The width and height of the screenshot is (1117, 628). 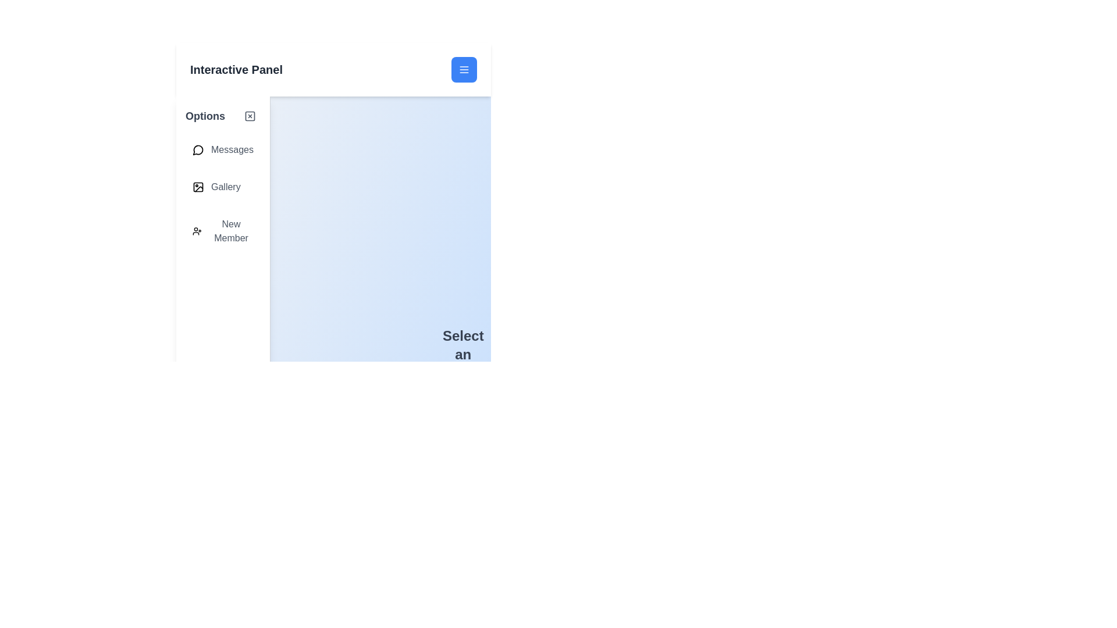 I want to click on the 'Gallery' menu item located in the sidebar menu, which is the second item below 'Messages', so click(x=223, y=186).